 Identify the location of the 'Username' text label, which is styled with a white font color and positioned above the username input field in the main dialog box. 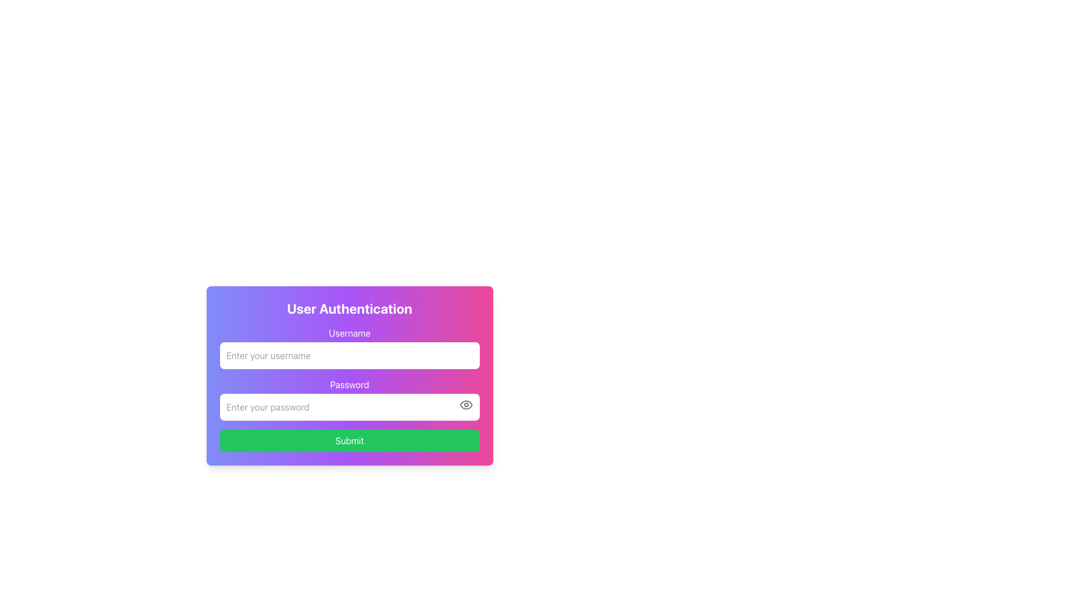
(349, 332).